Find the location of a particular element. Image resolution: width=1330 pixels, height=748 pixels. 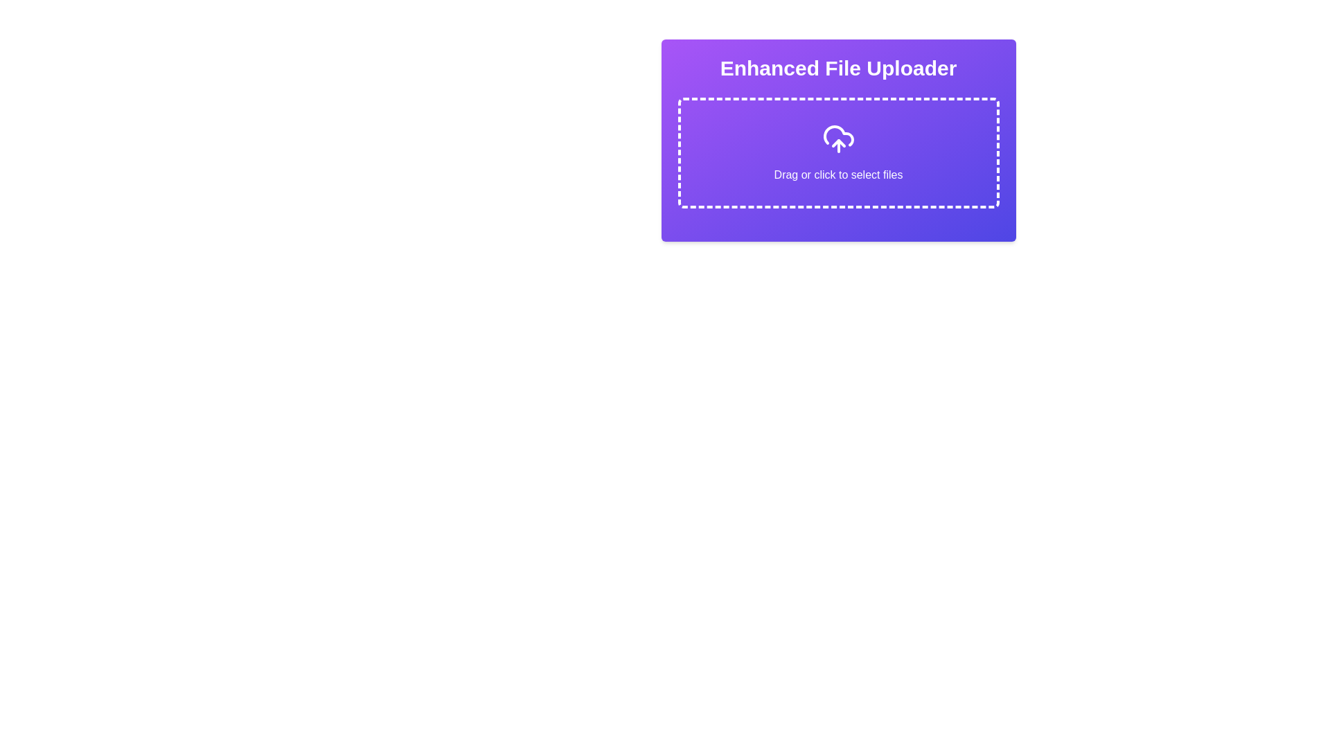

the area surrounding the cloud upload icon, which is centrally located in the dashed rectangle labeled 'Drag or click is located at coordinates (837, 139).